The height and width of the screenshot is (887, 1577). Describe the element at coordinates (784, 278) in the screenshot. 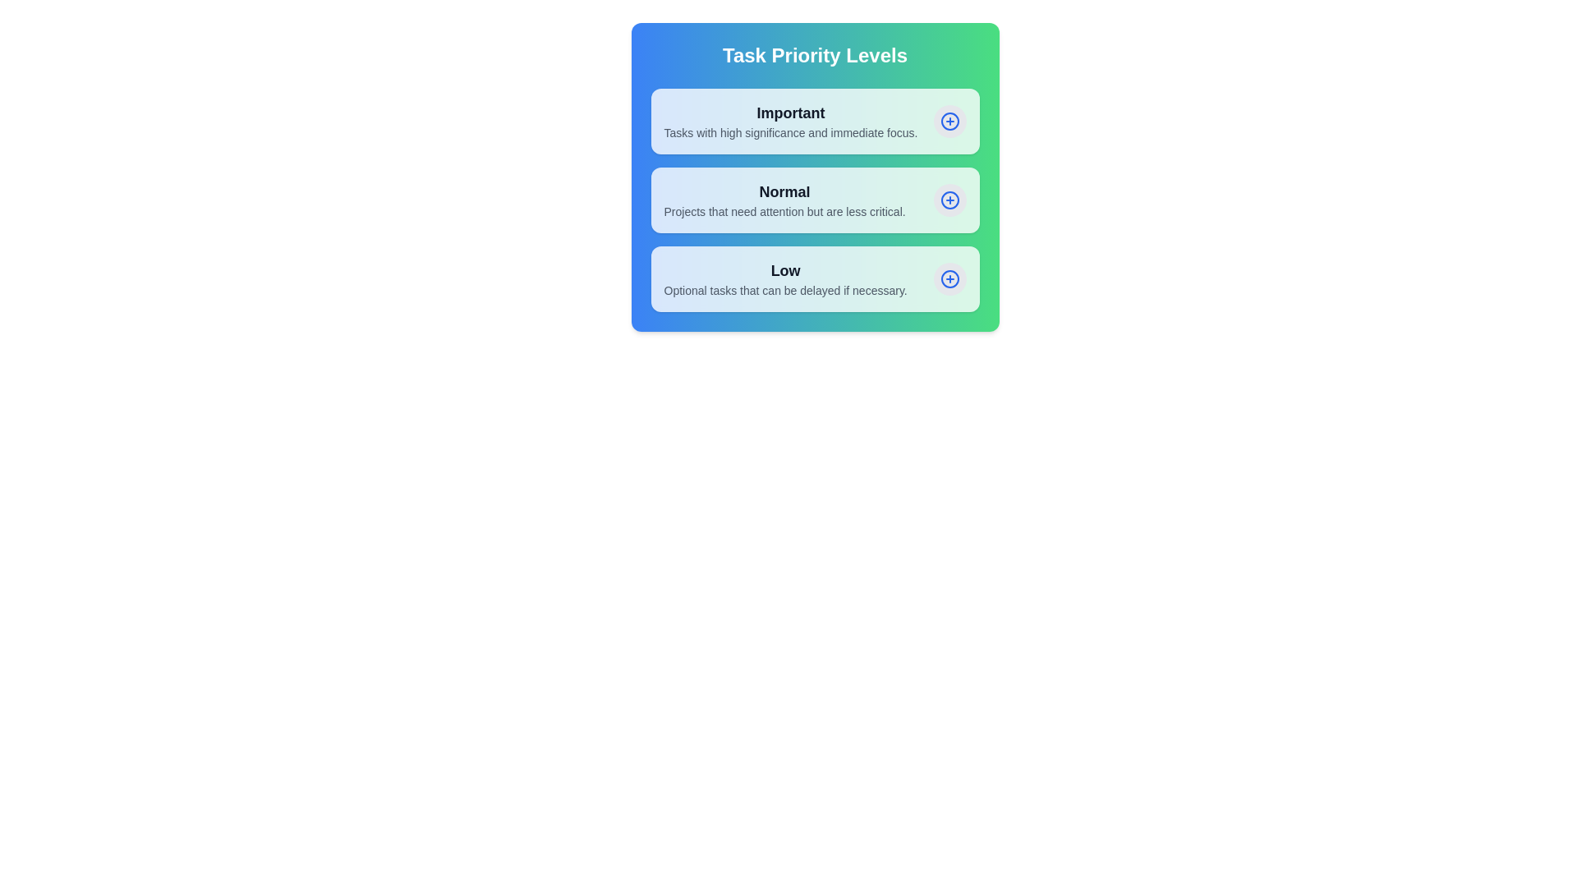

I see `the 'Low' priority text block` at that location.